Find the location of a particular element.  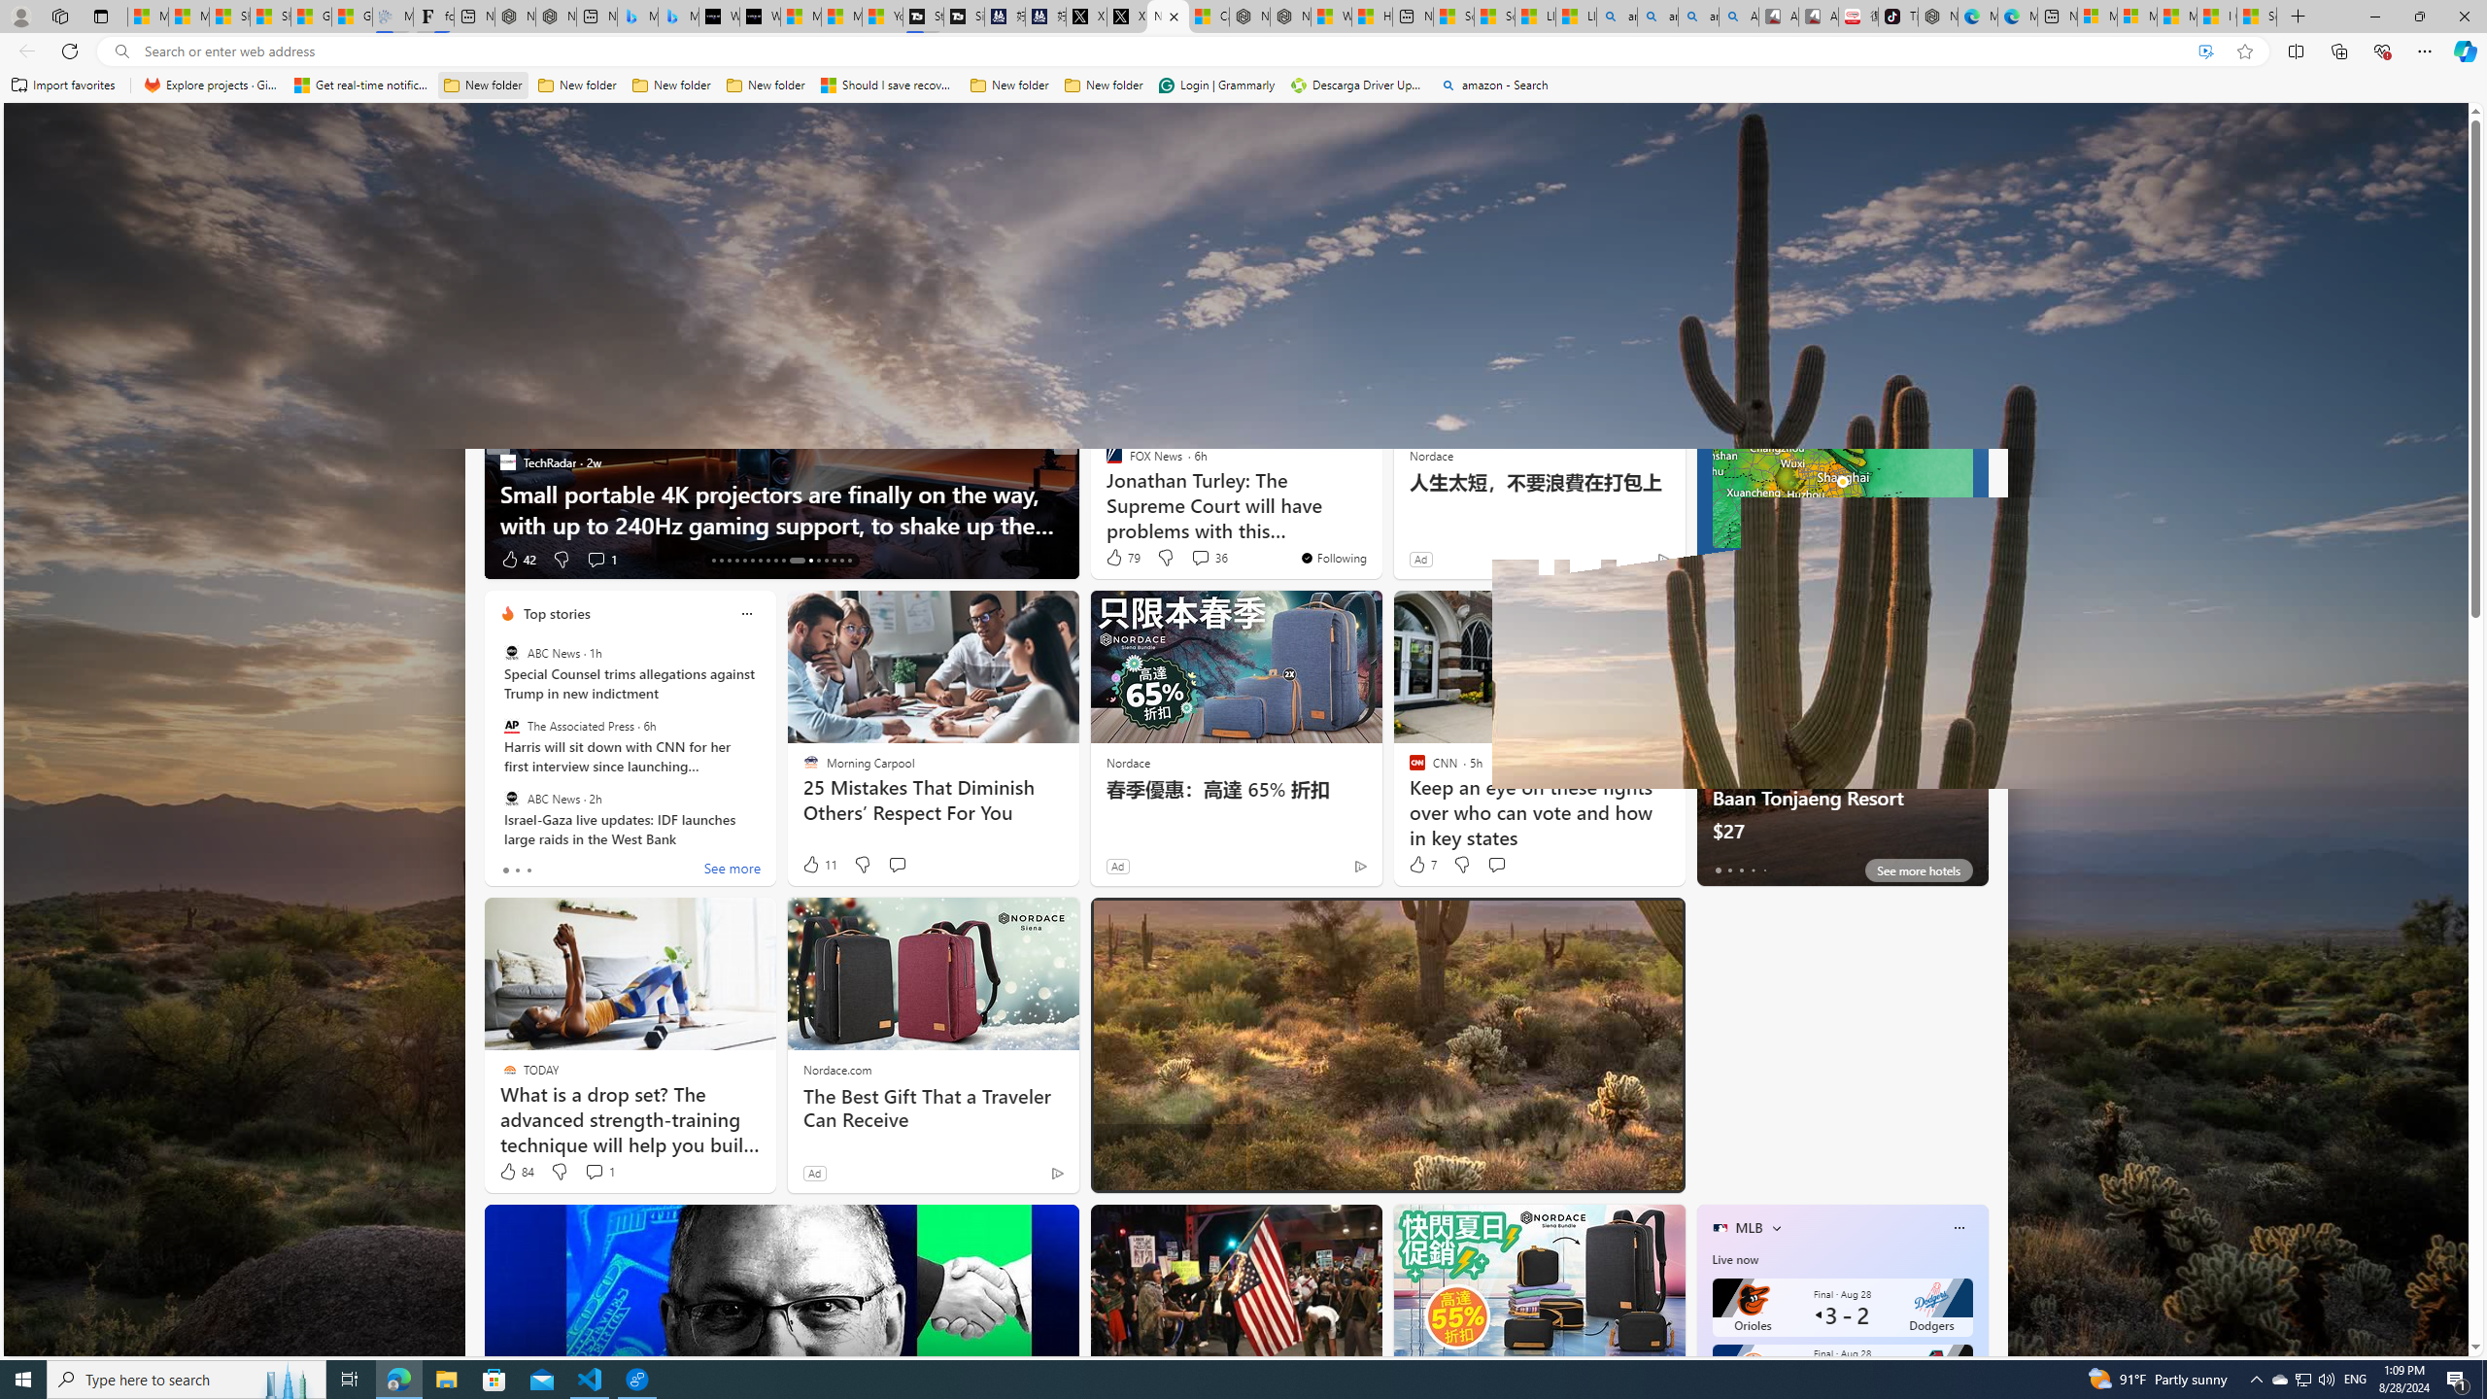

'AutomationID: tab-25' is located at coordinates (817, 561).